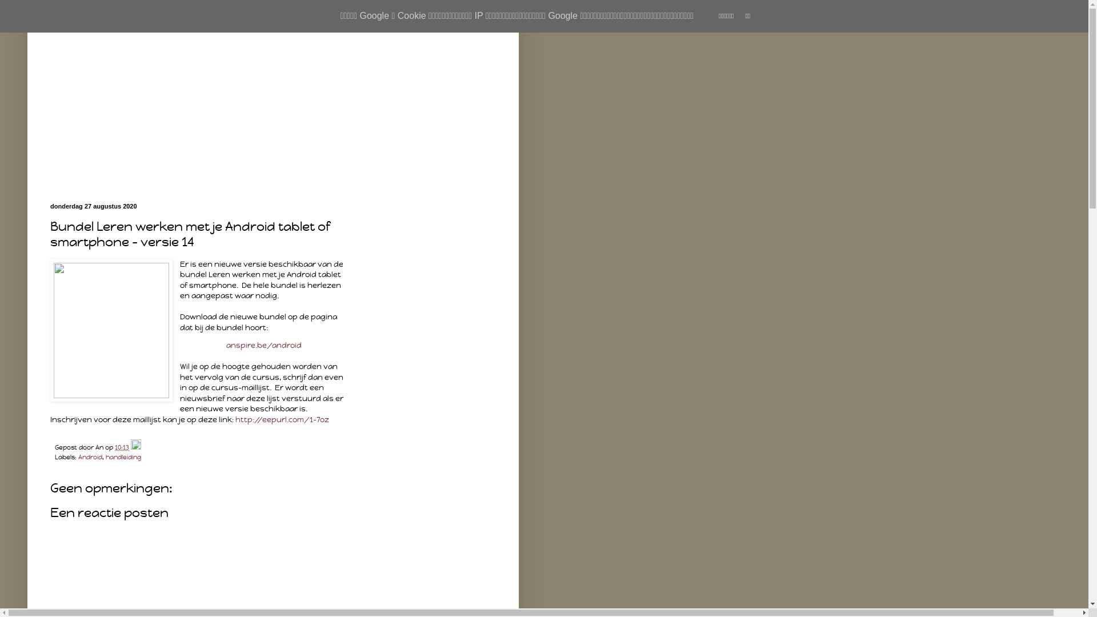  What do you see at coordinates (282, 419) in the screenshot?
I see `'http://eepurl.com/1-7oz'` at bounding box center [282, 419].